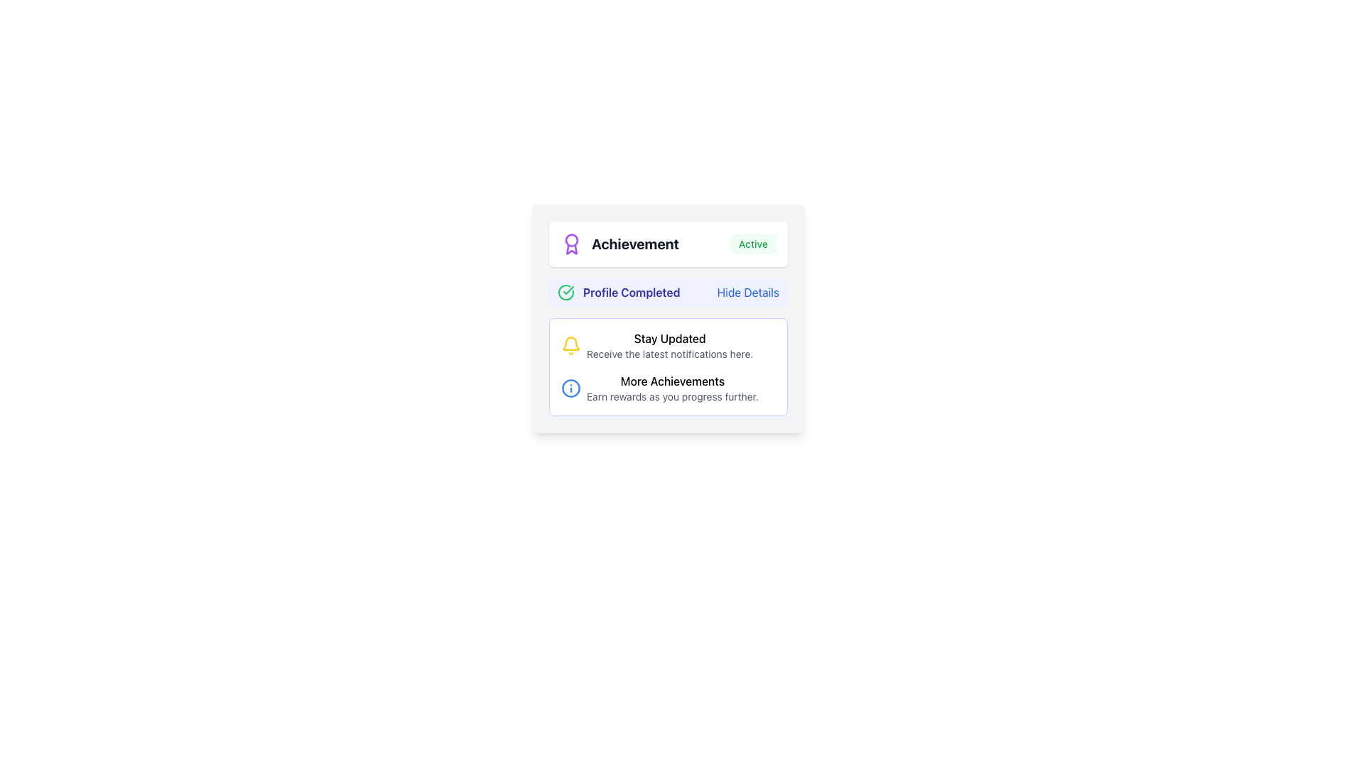 The width and height of the screenshot is (1364, 767). I want to click on the yellow bell icon located near the 'Achievement' text in the top-left portion of the interface, so click(571, 344).